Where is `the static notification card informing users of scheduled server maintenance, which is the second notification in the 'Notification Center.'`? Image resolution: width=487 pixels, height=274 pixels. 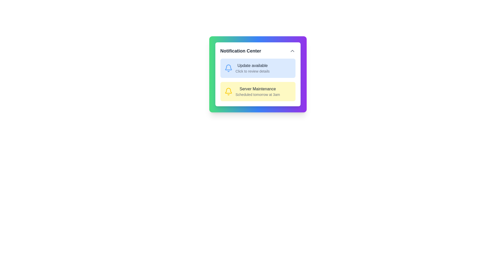 the static notification card informing users of scheduled server maintenance, which is the second notification in the 'Notification Center.' is located at coordinates (258, 92).